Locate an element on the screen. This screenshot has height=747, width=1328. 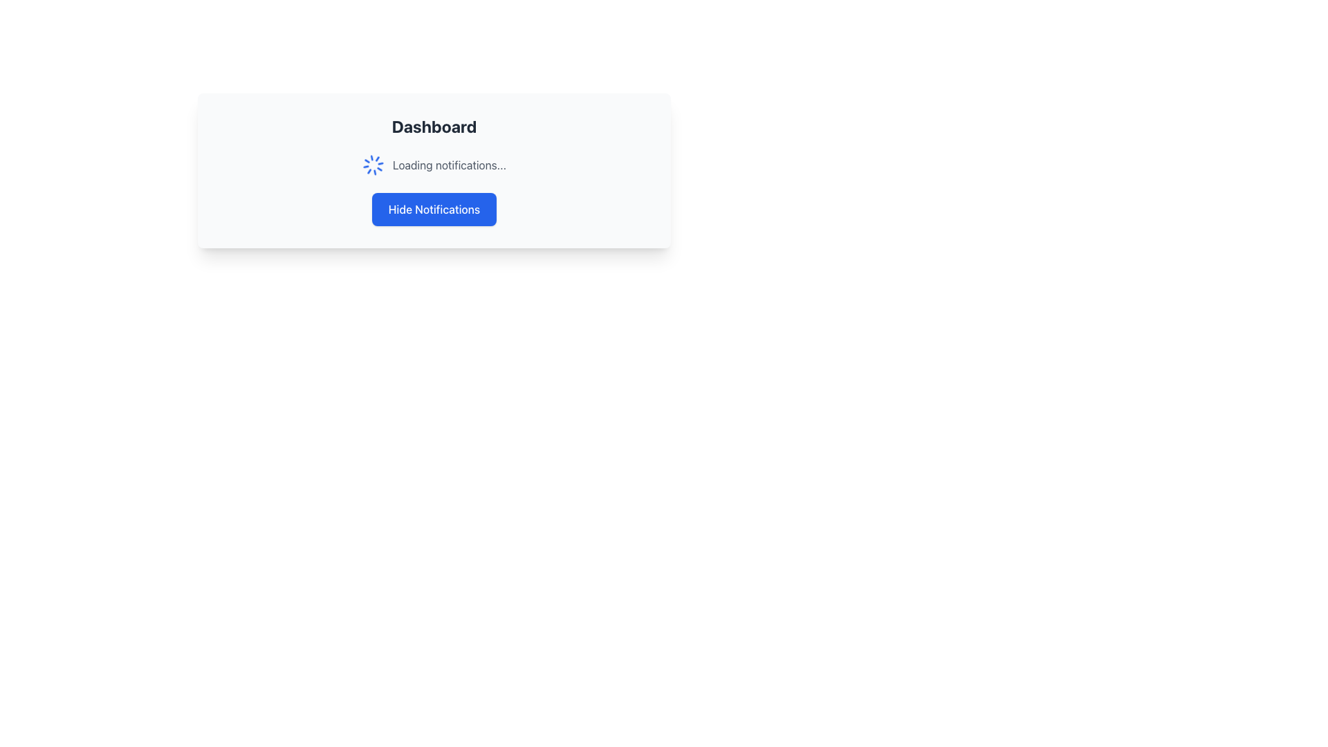
the text label displaying 'Loading notifications...' which is styled in gray and positioned above the 'Hide Notifications' button is located at coordinates (449, 165).